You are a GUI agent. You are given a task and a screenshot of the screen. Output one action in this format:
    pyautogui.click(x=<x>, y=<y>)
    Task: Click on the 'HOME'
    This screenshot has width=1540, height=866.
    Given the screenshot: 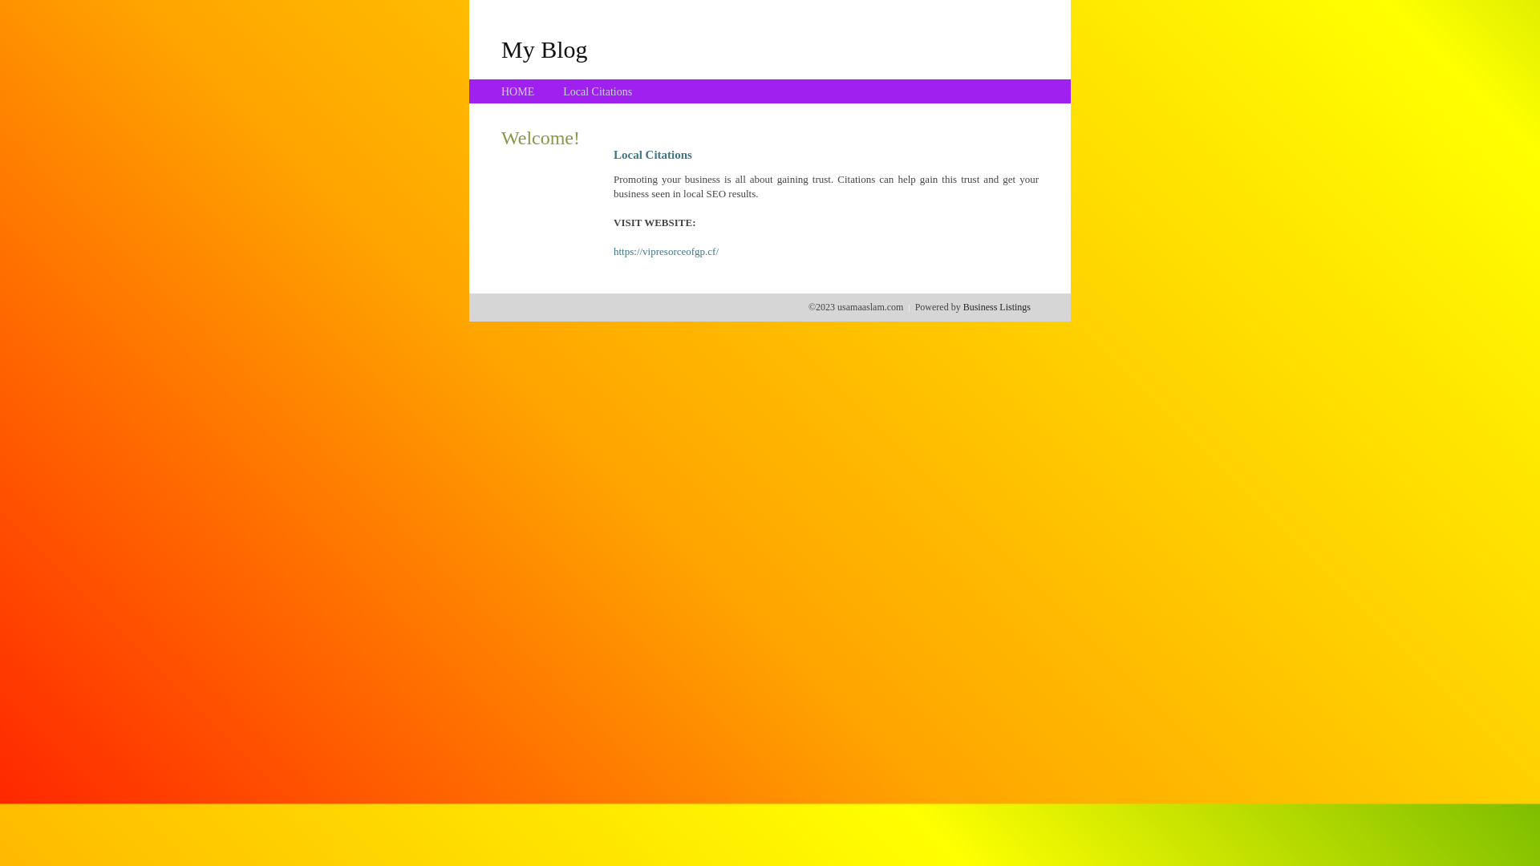 What is the action you would take?
    pyautogui.click(x=500, y=91)
    